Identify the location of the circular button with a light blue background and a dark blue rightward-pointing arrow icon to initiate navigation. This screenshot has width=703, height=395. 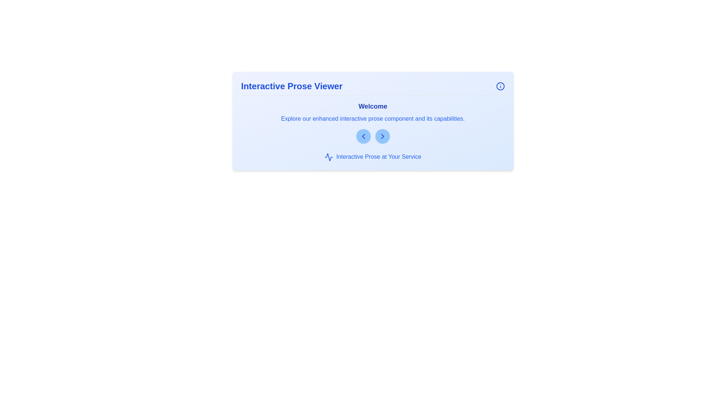
(382, 136).